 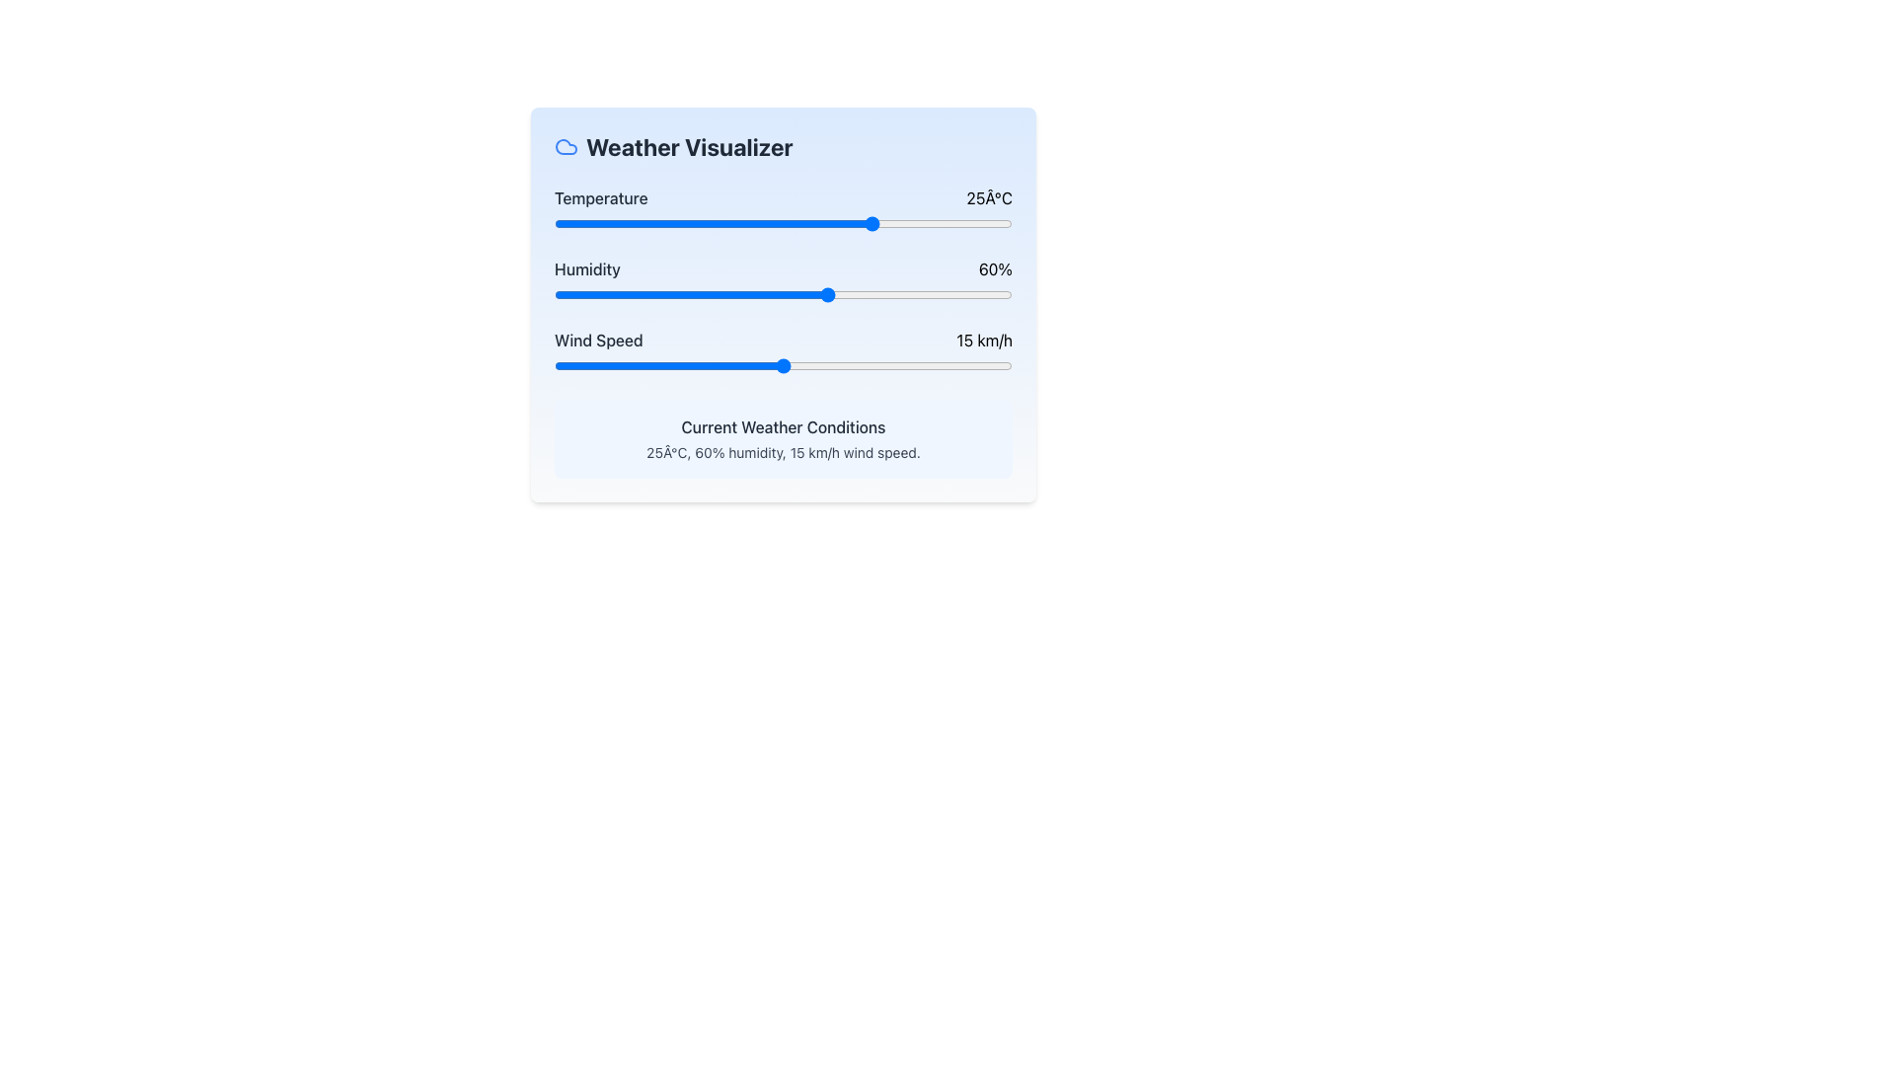 I want to click on wind speed, so click(x=904, y=365).